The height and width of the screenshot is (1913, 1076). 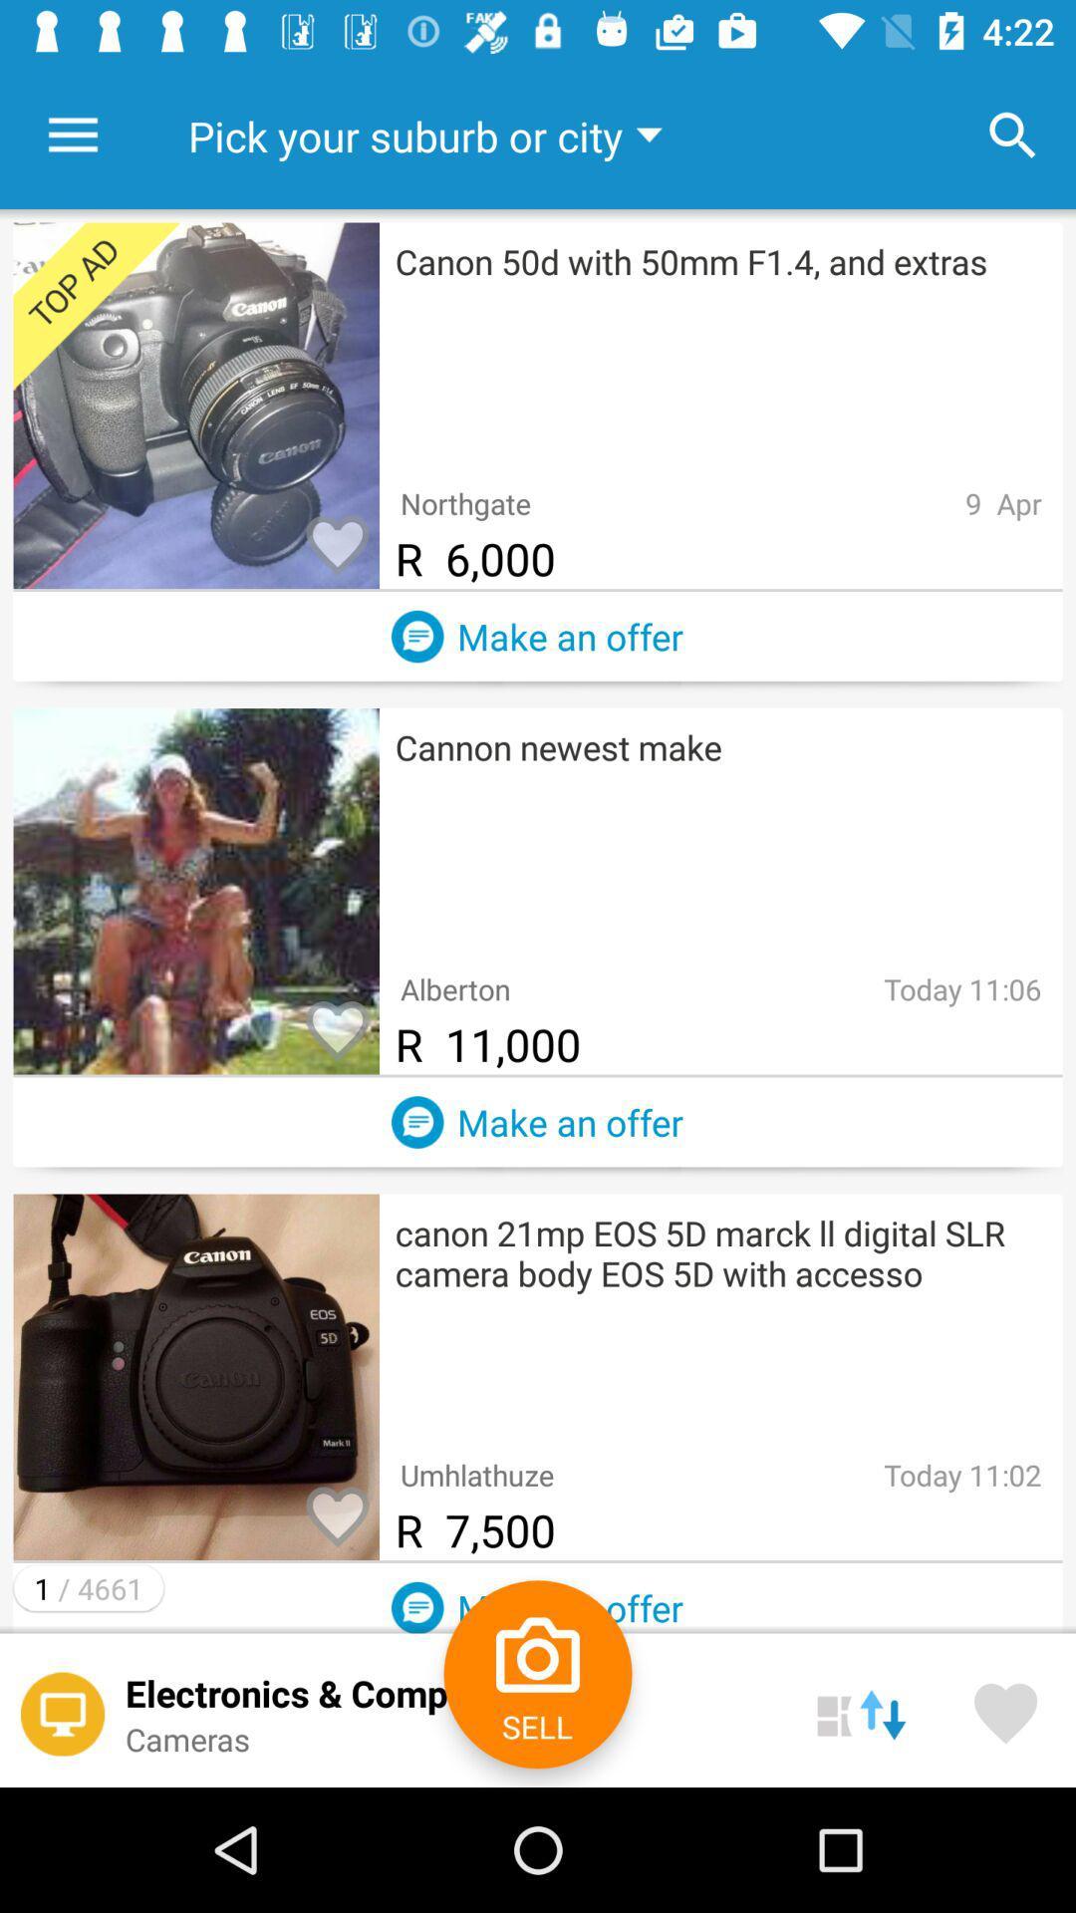 I want to click on the swap icon, so click(x=860, y=1709).